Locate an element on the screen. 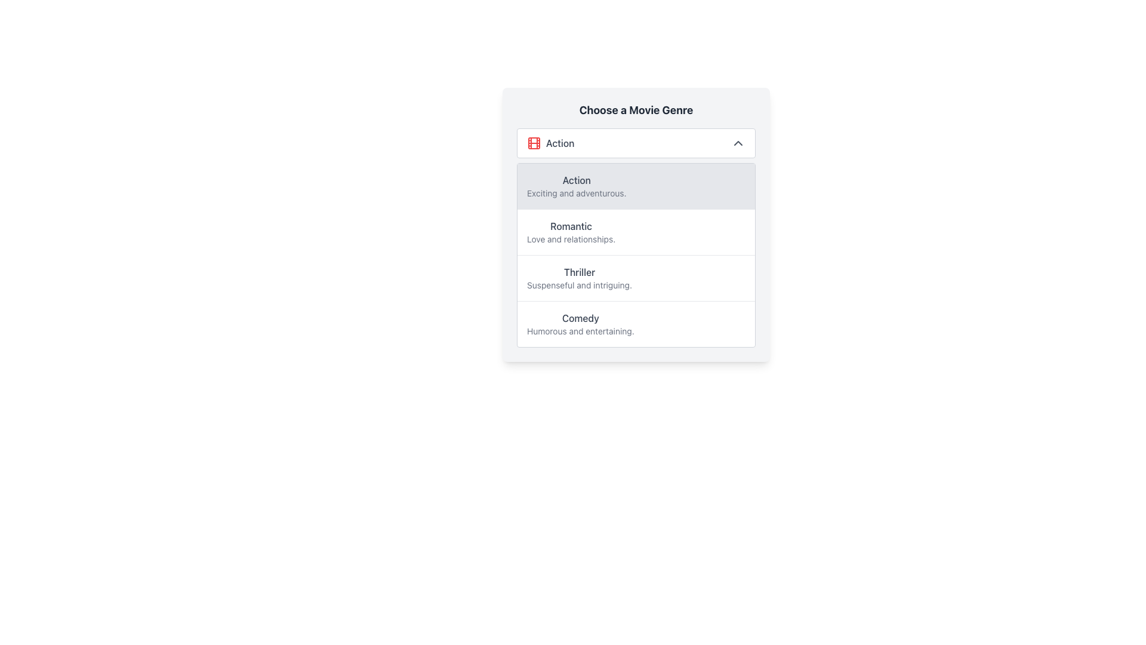 Image resolution: width=1146 pixels, height=645 pixels. the text label heading that says 'Choose a Movie Genre', which is displayed prominently in a bold, large gray font, positioned at the top of the panel is located at coordinates (635, 110).